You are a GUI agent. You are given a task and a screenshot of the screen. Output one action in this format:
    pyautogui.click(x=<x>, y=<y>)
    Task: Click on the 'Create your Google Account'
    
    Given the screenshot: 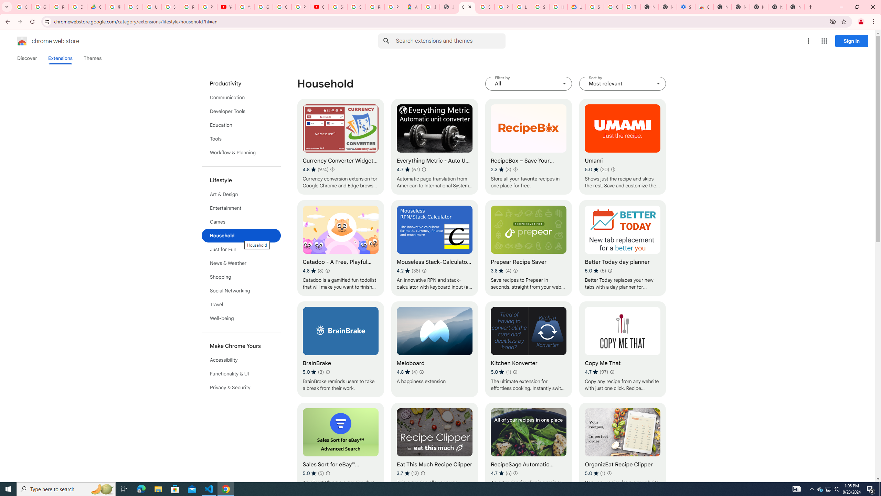 What is the action you would take?
    pyautogui.click(x=282, y=7)
    